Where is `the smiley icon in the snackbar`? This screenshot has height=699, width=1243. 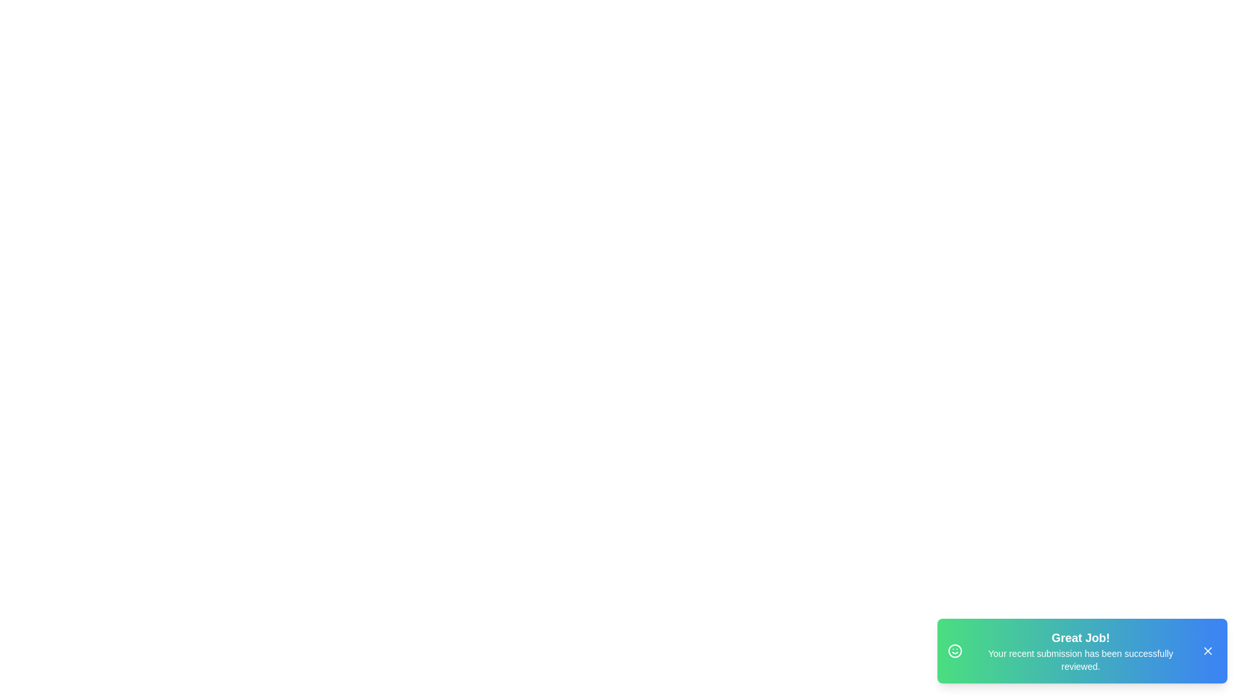 the smiley icon in the snackbar is located at coordinates (954, 651).